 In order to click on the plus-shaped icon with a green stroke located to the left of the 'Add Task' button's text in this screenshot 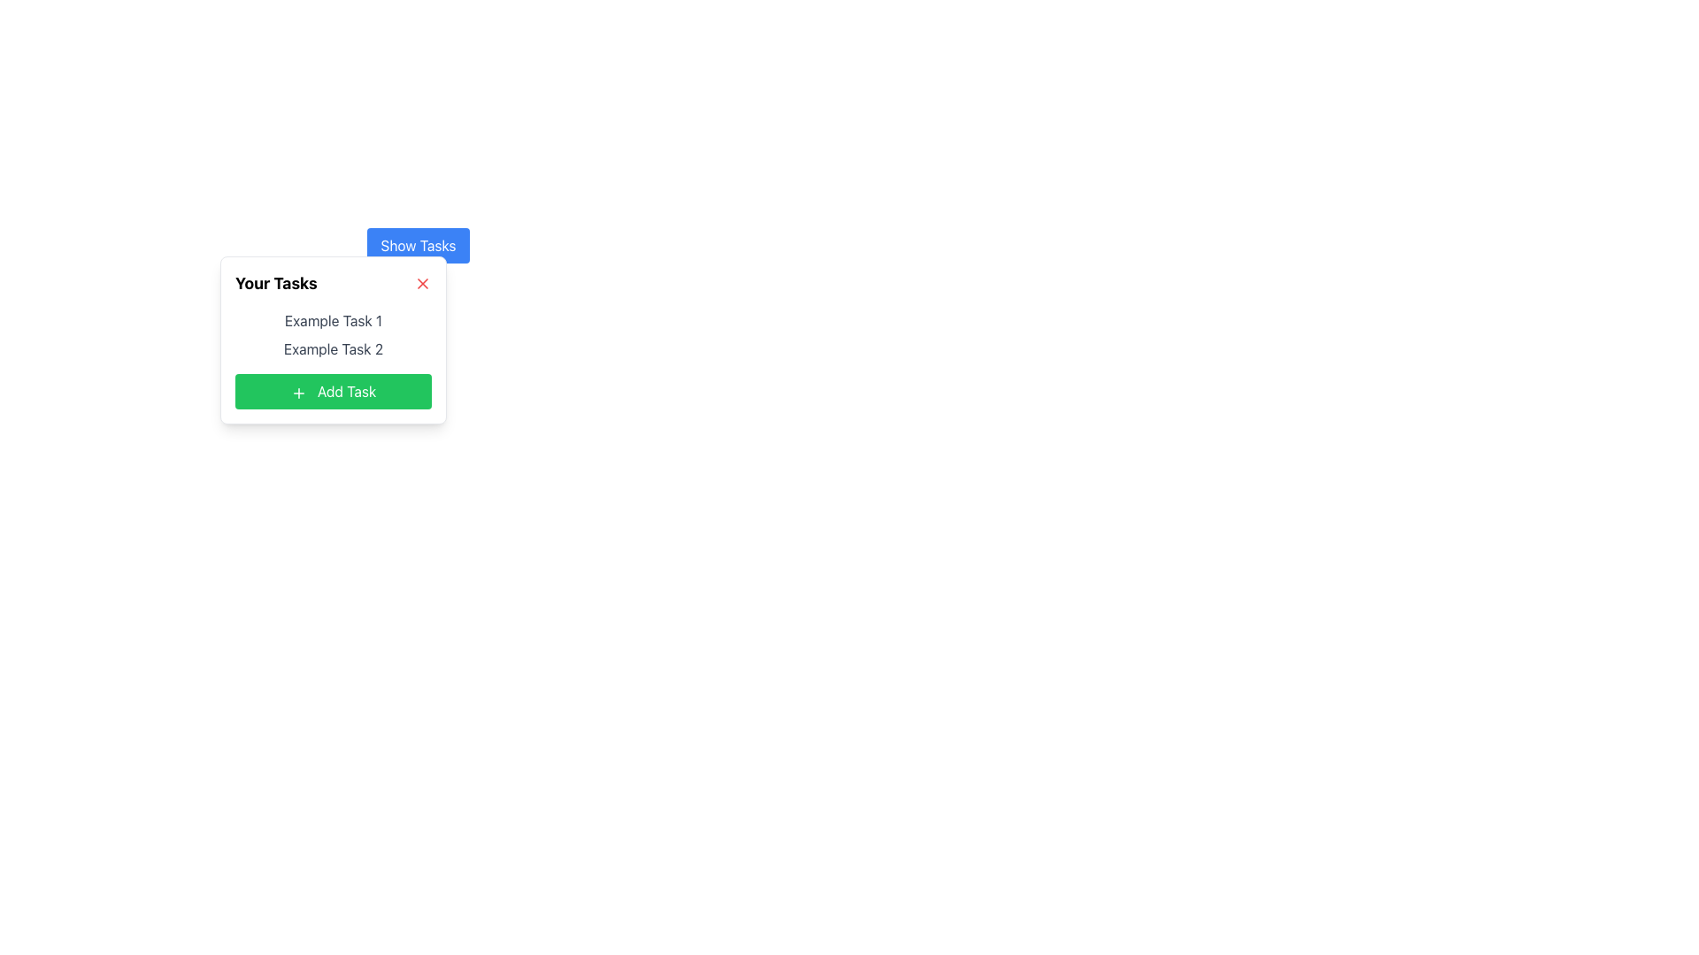, I will do `click(298, 392)`.